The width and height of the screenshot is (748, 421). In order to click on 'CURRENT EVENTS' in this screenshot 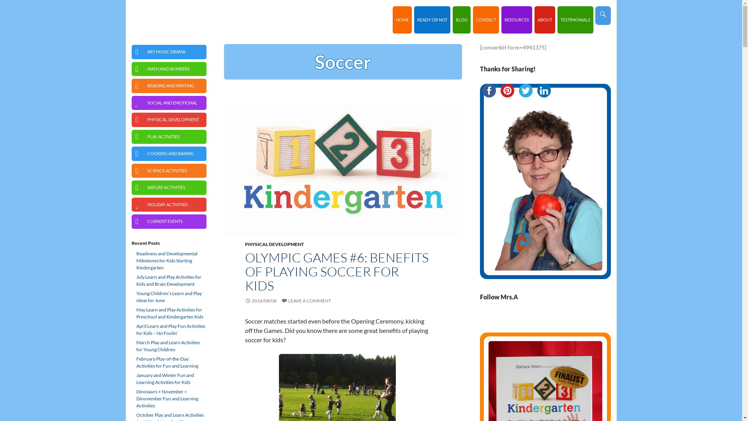, I will do `click(168, 221)`.